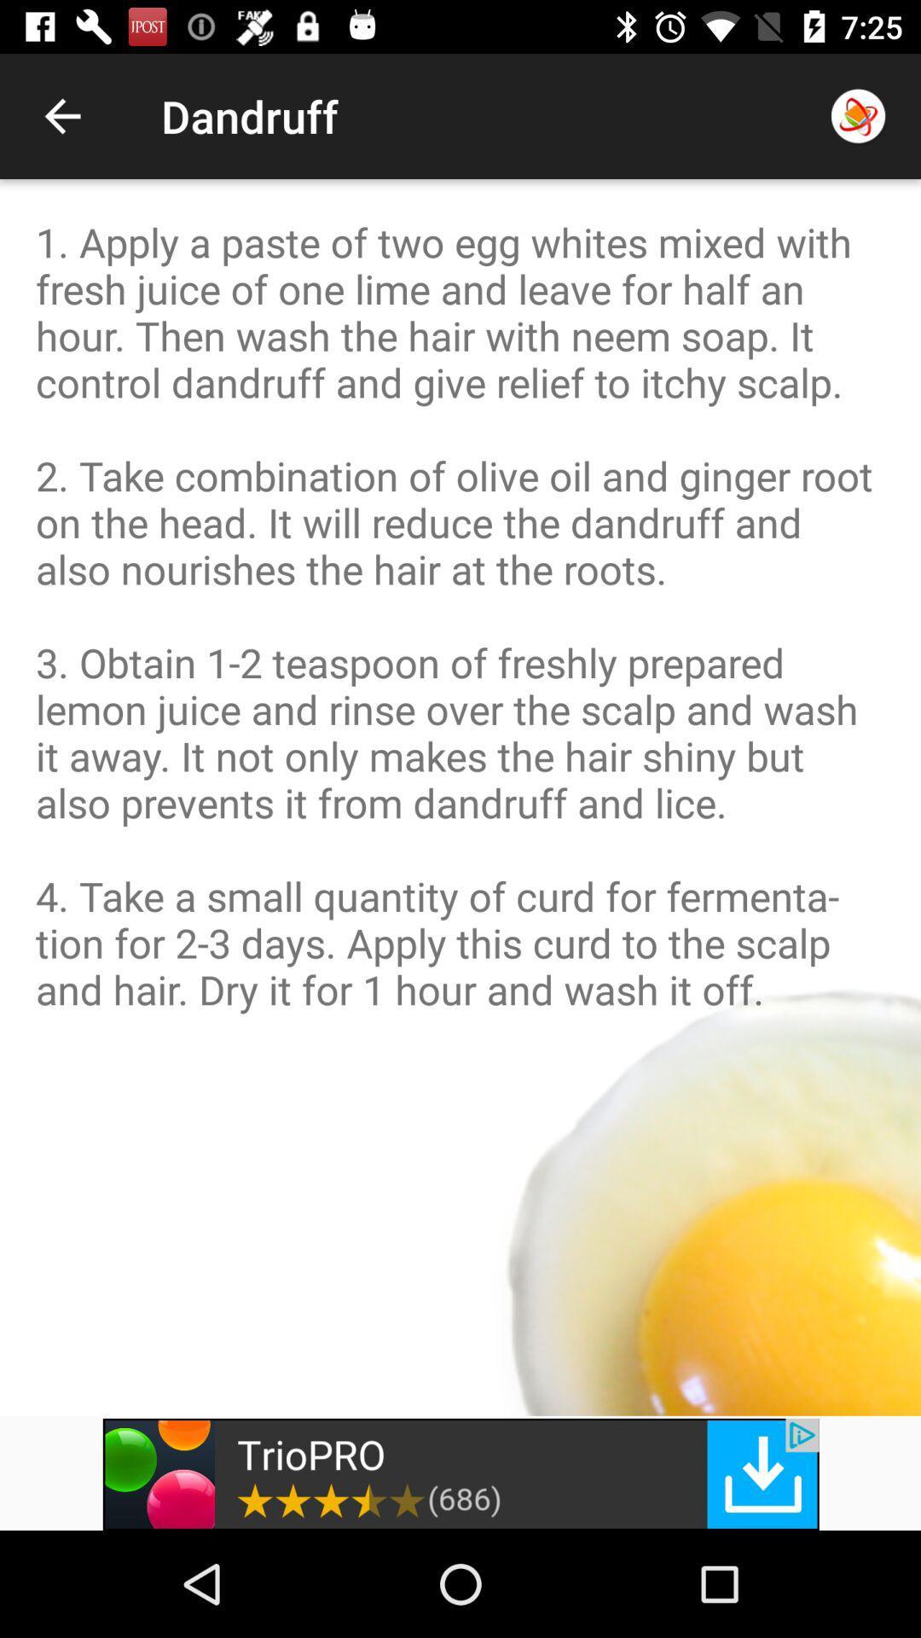 The width and height of the screenshot is (921, 1638). What do you see at coordinates (460, 1473) in the screenshot?
I see `advertisement banner` at bounding box center [460, 1473].